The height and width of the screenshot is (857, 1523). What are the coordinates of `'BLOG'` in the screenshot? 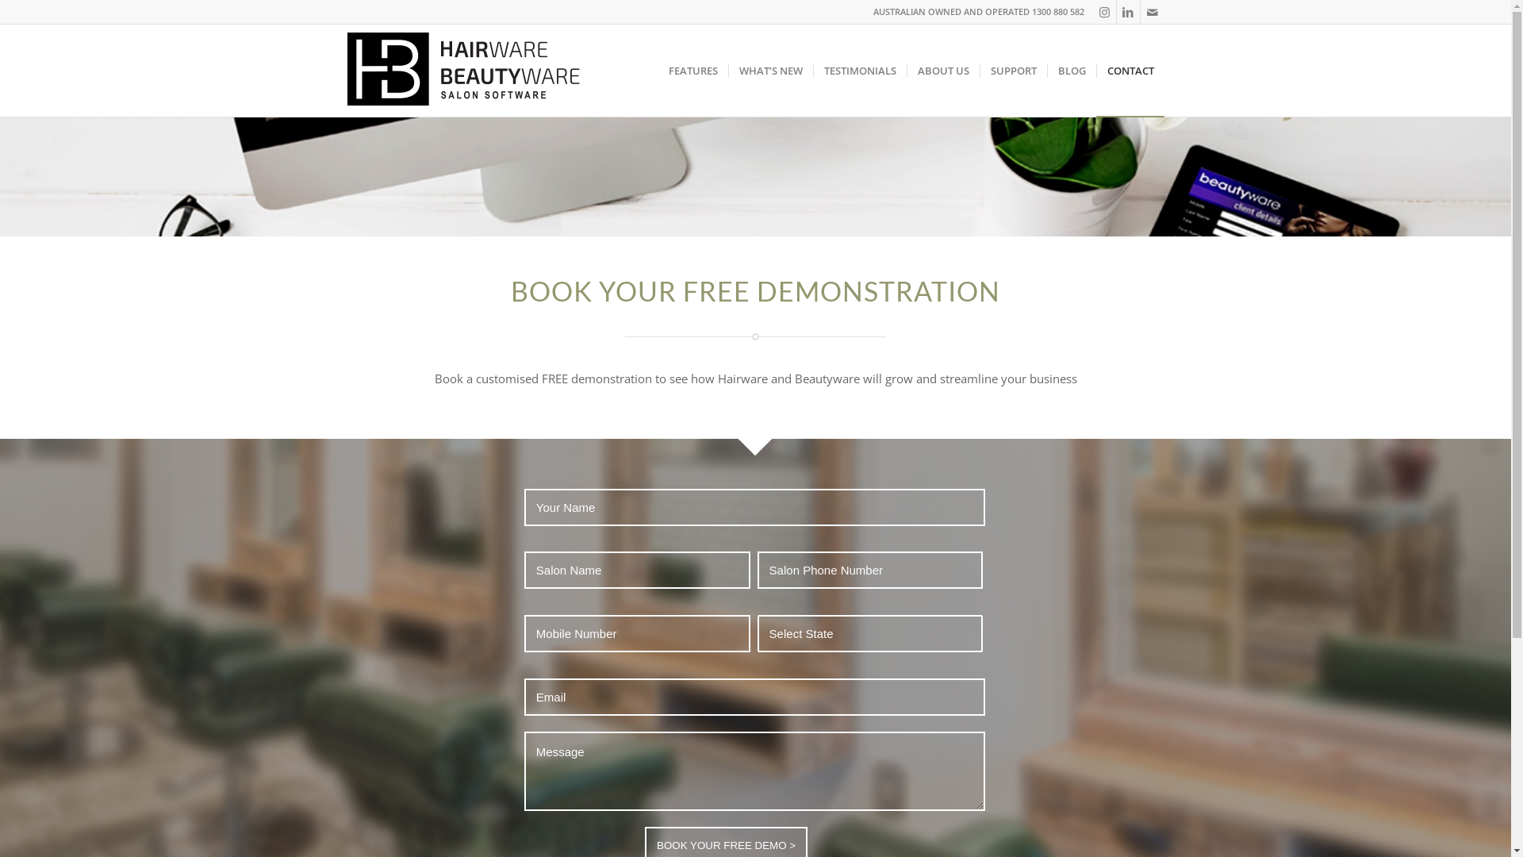 It's located at (1071, 69).